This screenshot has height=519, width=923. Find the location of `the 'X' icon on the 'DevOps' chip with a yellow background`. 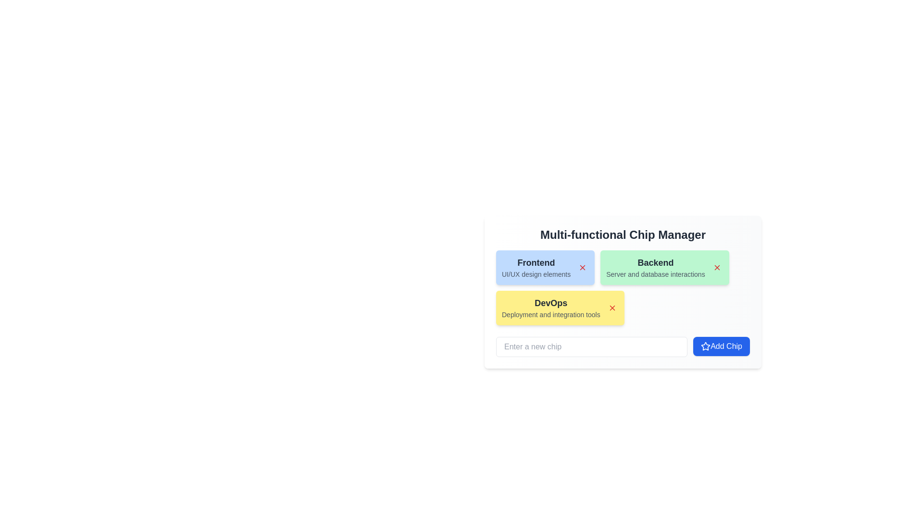

the 'X' icon on the 'DevOps' chip with a yellow background is located at coordinates (623, 292).